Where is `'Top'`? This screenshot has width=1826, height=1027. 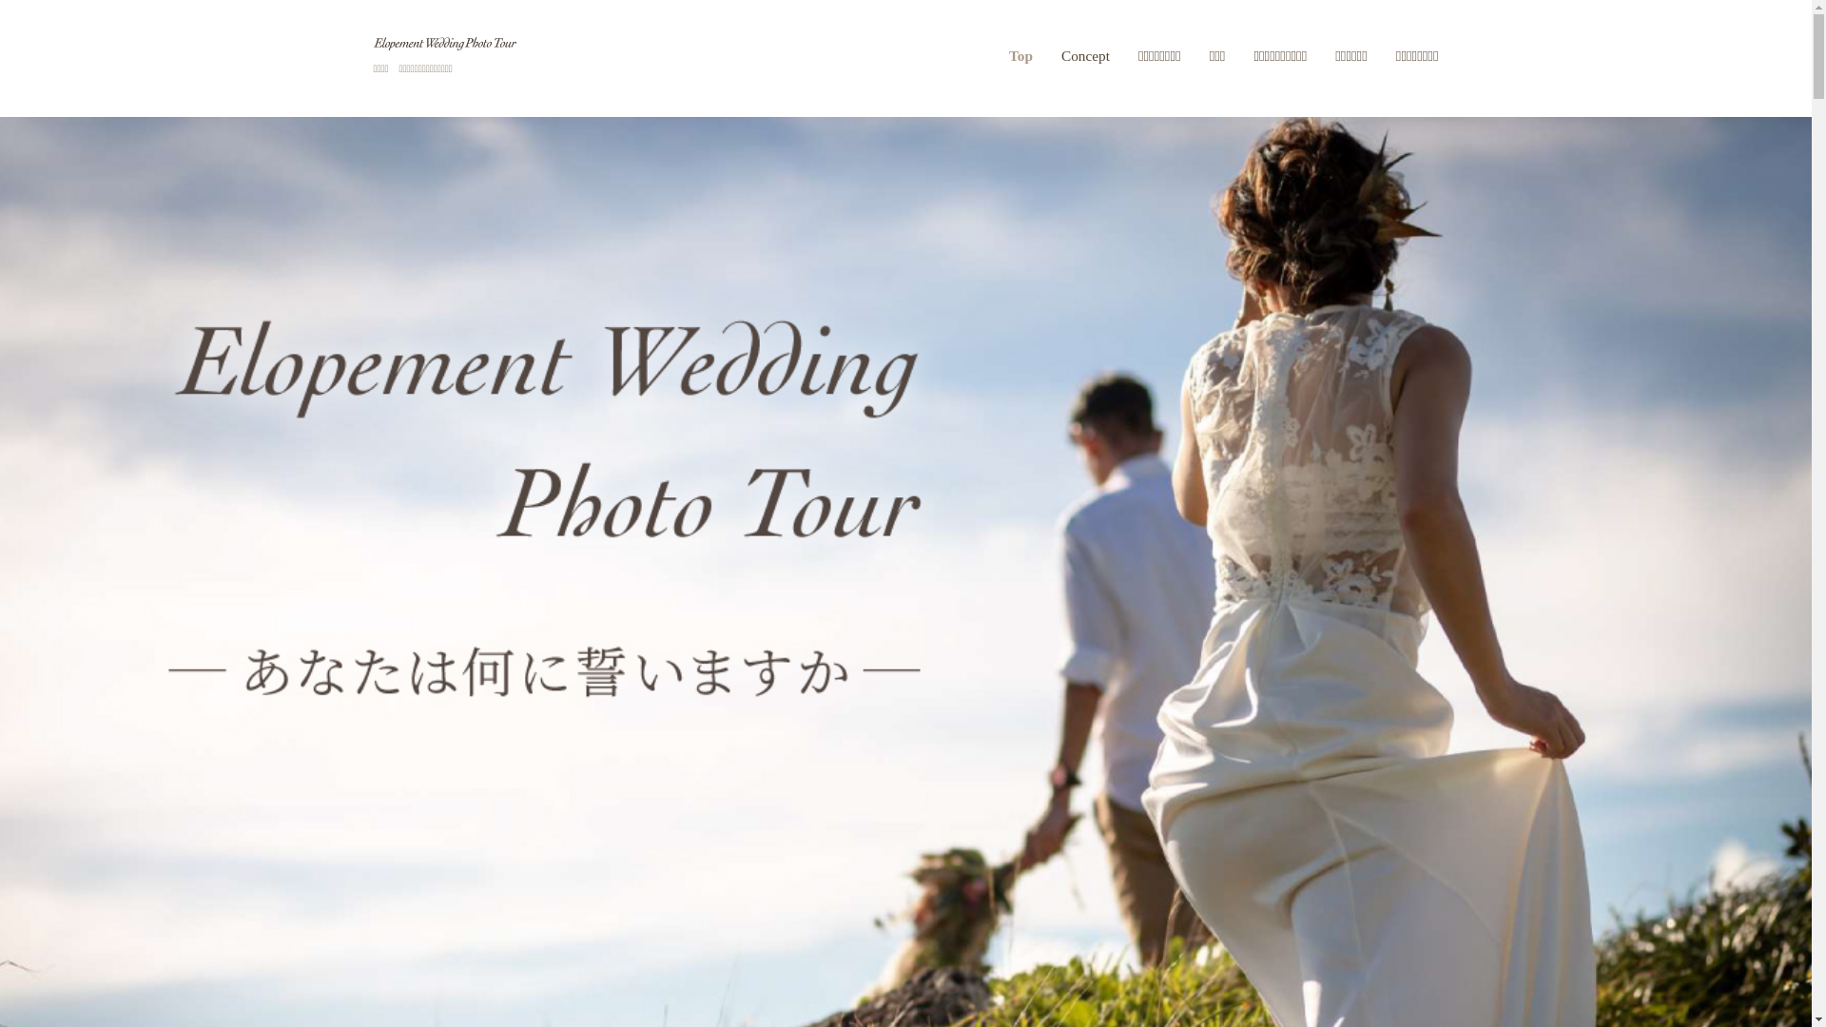 'Top' is located at coordinates (1026, 54).